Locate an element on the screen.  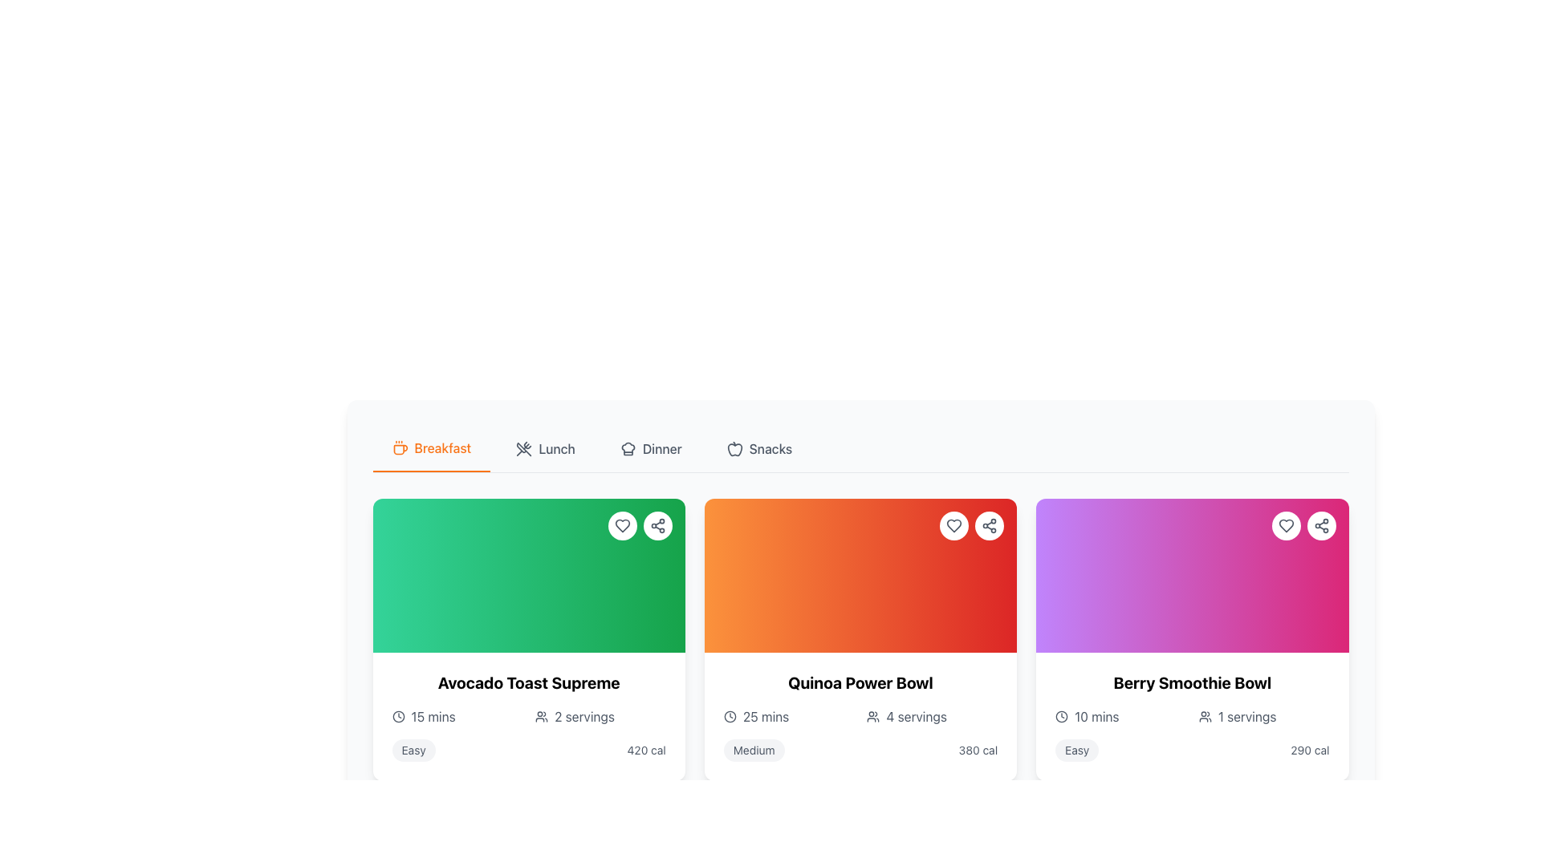
the bold, large-size text label displaying 'Quinoa Power Bowl' is located at coordinates (860, 683).